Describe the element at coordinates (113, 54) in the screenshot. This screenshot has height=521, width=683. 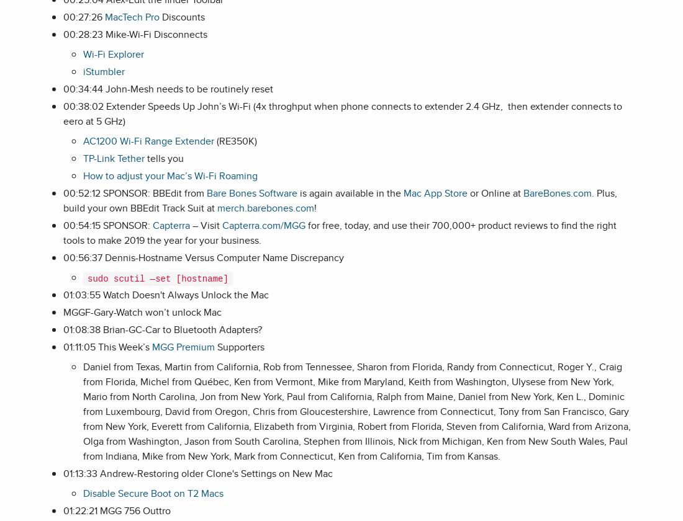
I see `'Wi-Fi Explorer'` at that location.